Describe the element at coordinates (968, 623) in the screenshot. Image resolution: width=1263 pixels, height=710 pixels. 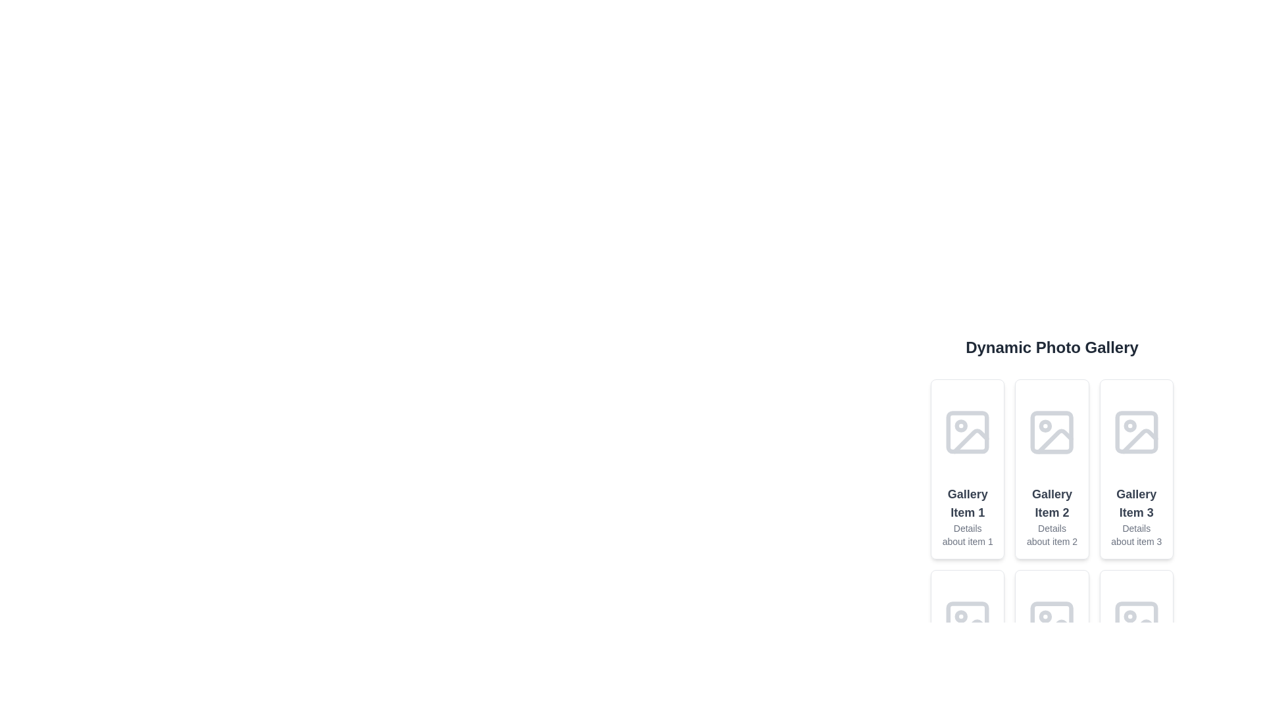
I see `the decorative SVG element with rectangle attributes that serves as a placeholder icon, located in the second row, first column of the gallery grid` at that location.